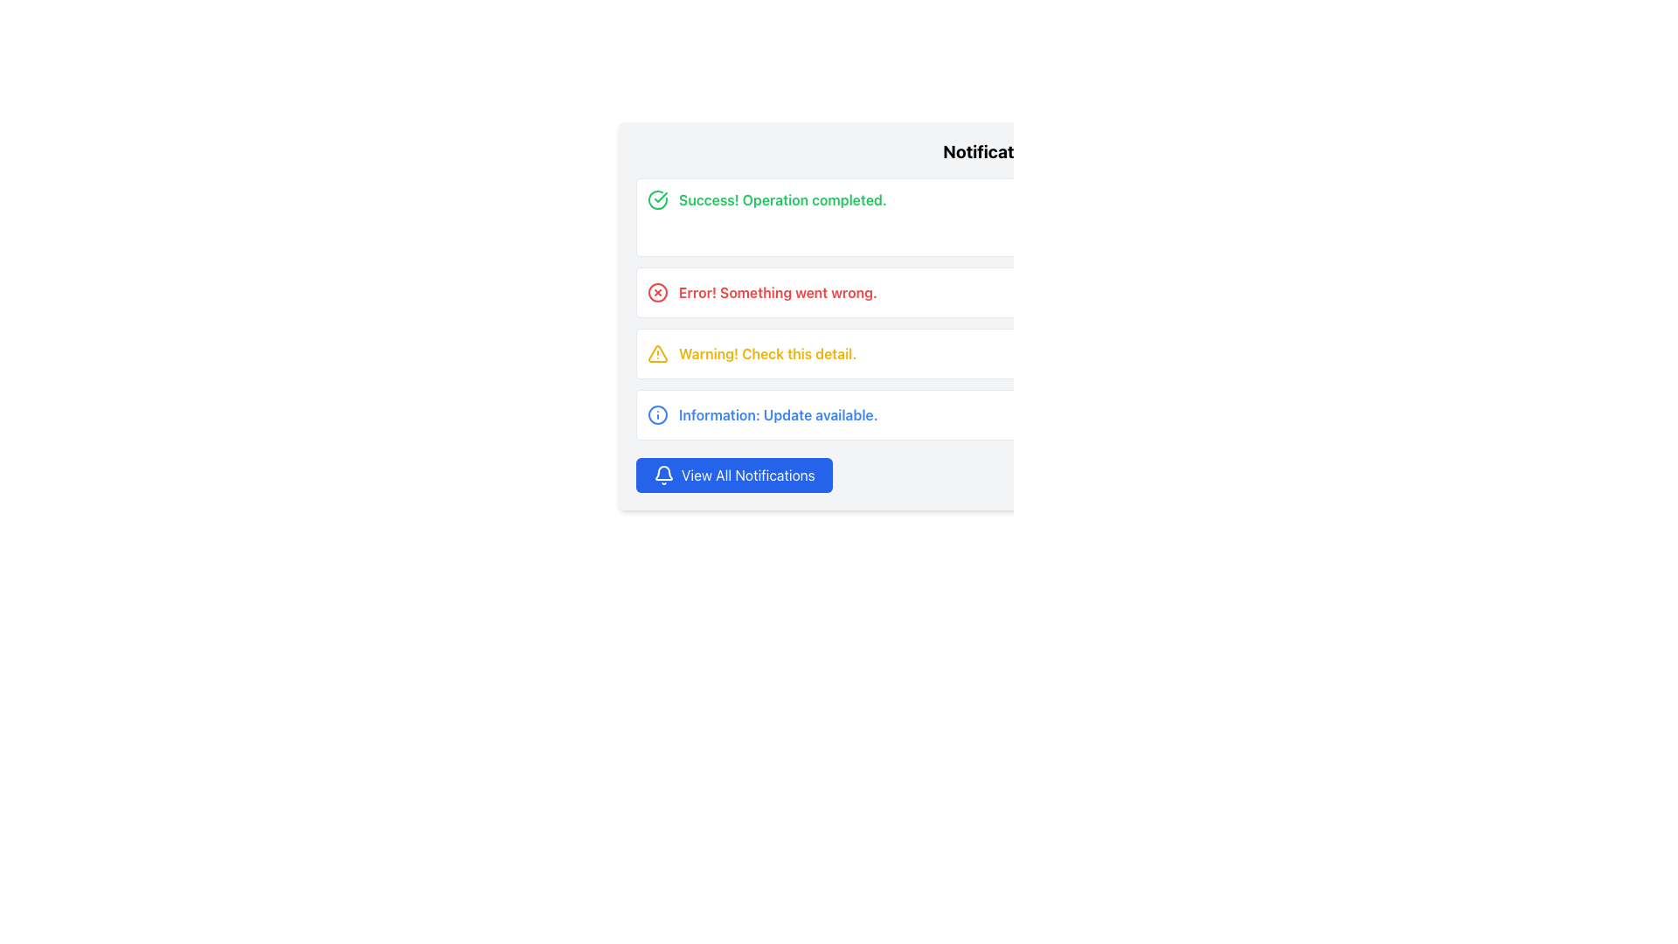  I want to click on the triangular warning icon with a yellow fill and bold outline, located in the third notification row, which has an exclamation mark inside, so click(657, 354).